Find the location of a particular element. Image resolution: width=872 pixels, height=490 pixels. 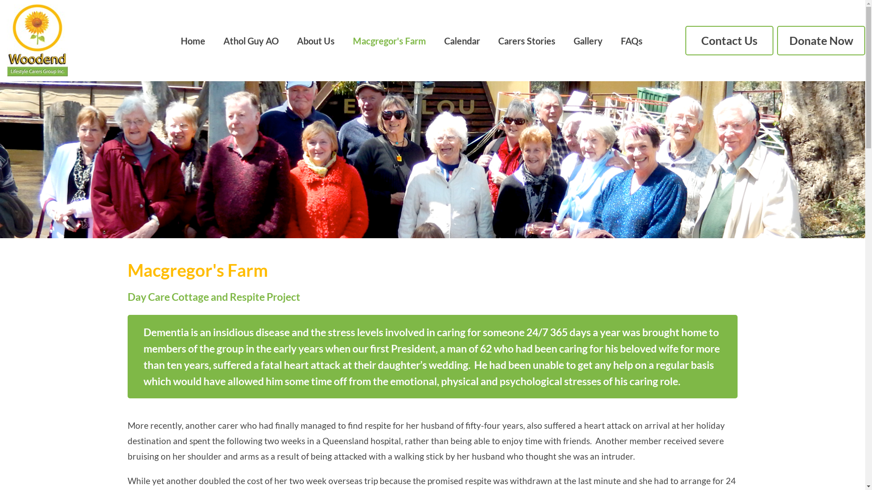

'Gallery' is located at coordinates (588, 39).